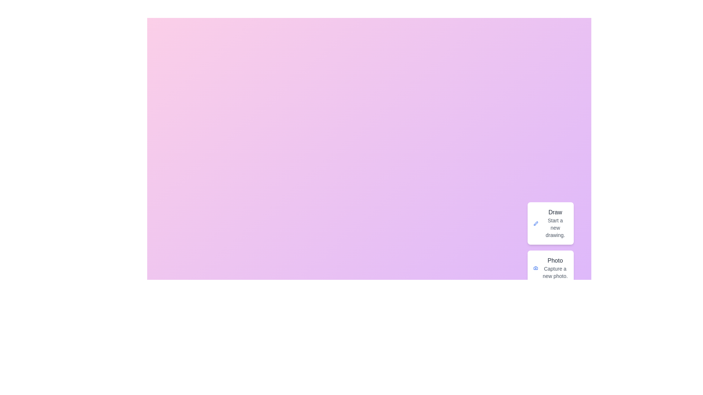  What do you see at coordinates (564, 386) in the screenshot?
I see `the main floating action button to toggle the menu visibility` at bounding box center [564, 386].